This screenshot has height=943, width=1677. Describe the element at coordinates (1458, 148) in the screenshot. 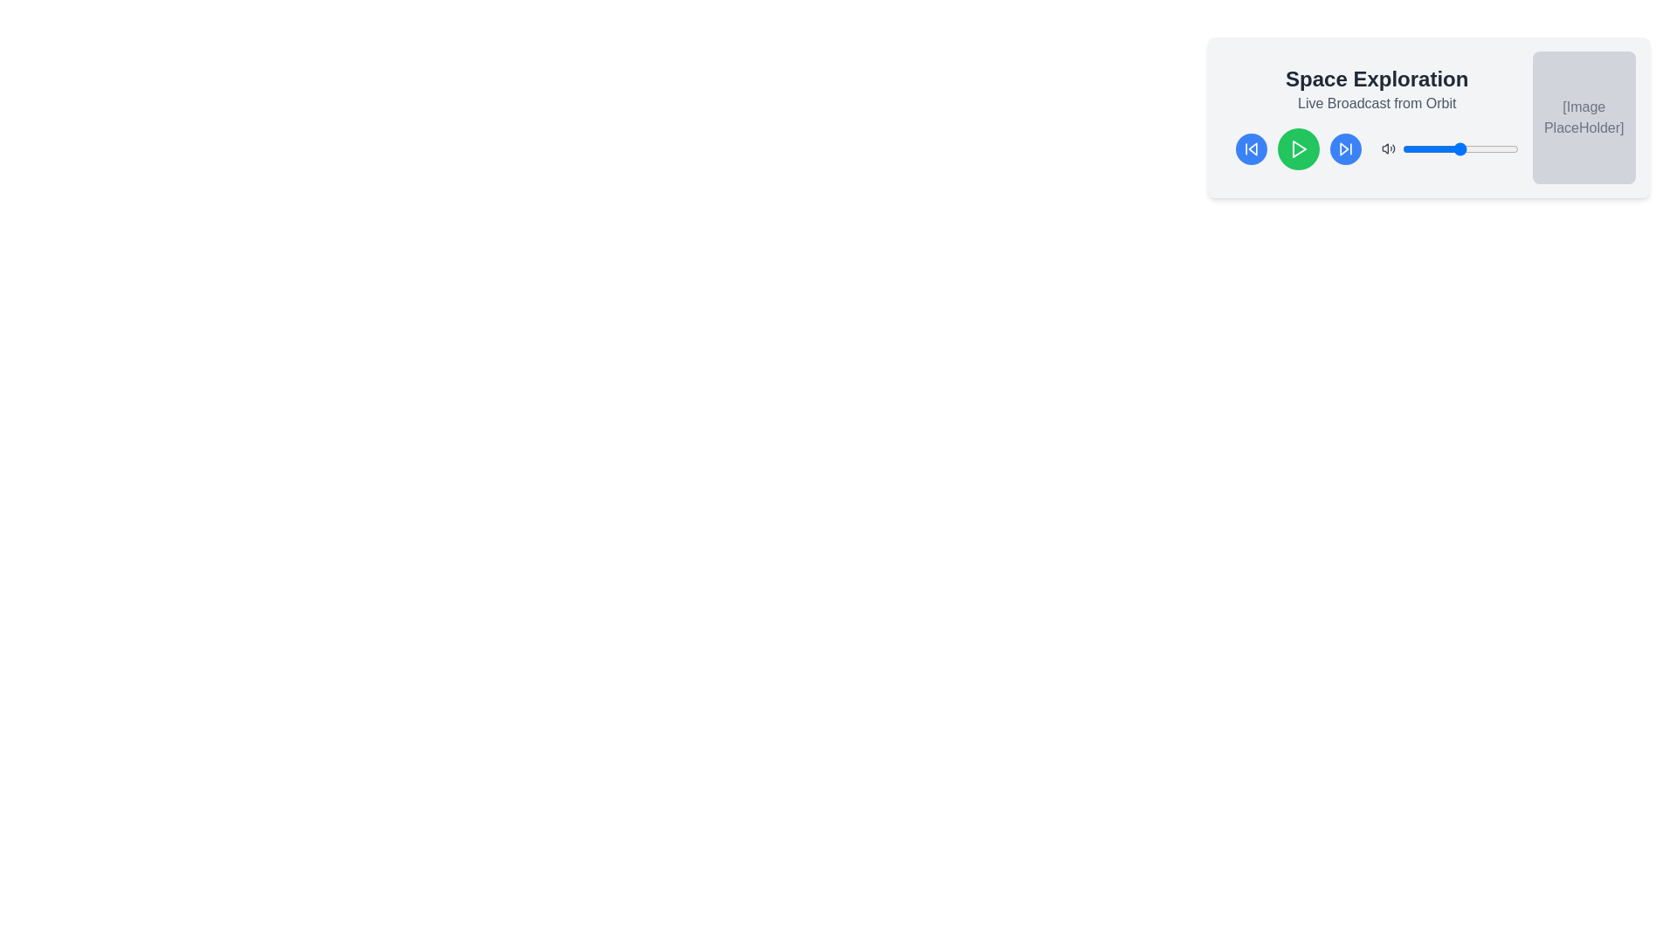

I see `the slider value` at that location.